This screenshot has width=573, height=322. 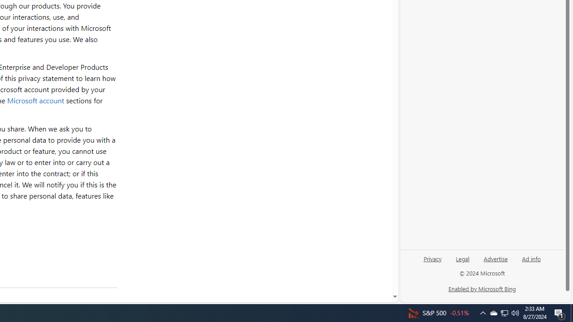 What do you see at coordinates (35, 101) in the screenshot?
I see `'Microsoft account'` at bounding box center [35, 101].